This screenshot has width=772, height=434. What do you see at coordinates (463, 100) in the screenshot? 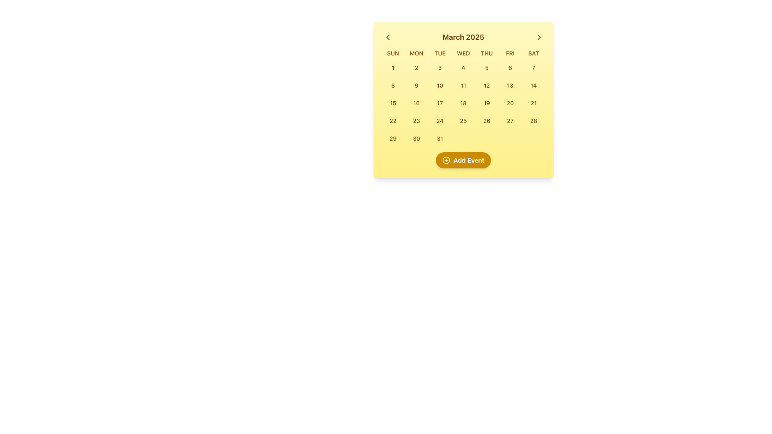
I see `a date in the Calendar Component for March 2025` at bounding box center [463, 100].